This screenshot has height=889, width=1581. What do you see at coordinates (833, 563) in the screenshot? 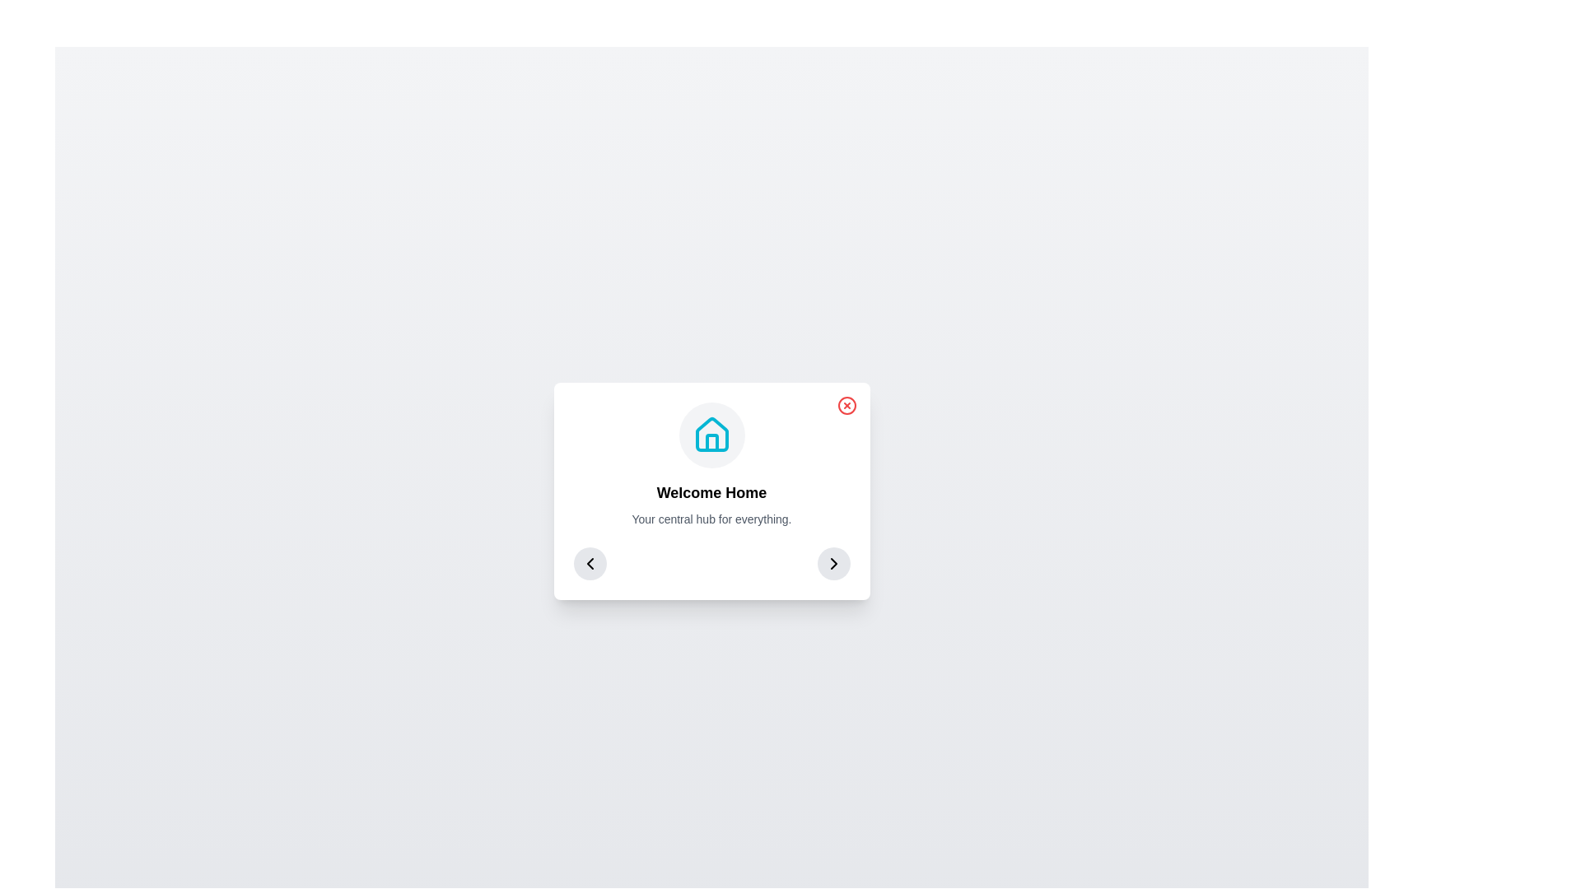
I see `the right-pointing chevron icon located at the center of a circular button with a light gray background in the bottom-right corner of a card interface` at bounding box center [833, 563].